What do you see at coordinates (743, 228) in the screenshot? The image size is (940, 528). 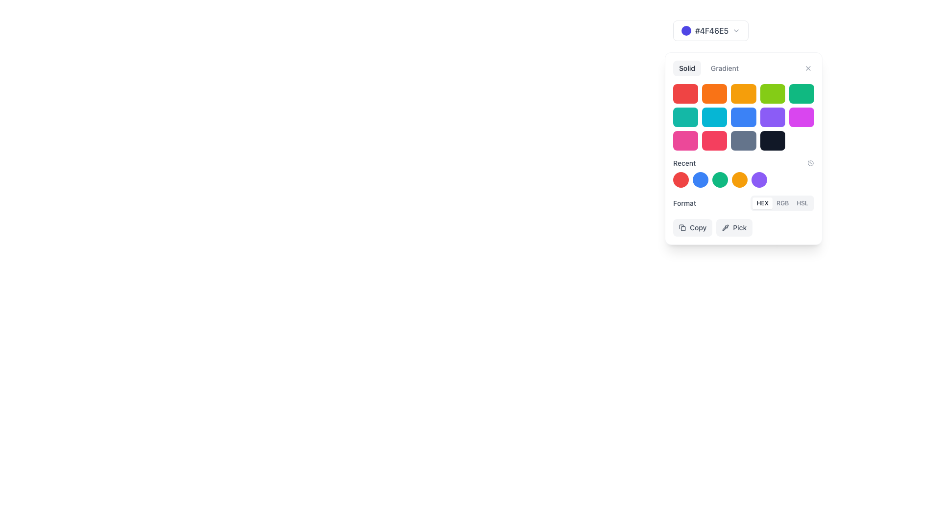 I see `the 'Copy' button in the horizontal button group located at the bottom-right corner of the popup panel to copy information` at bounding box center [743, 228].